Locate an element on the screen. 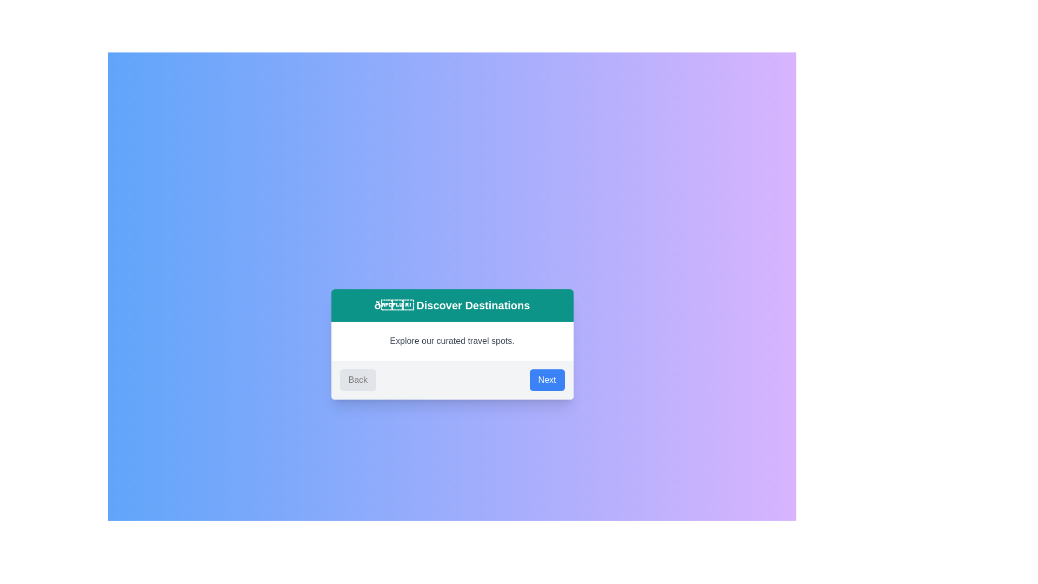 The height and width of the screenshot is (584, 1038). the 'Next' button located in the lower-right corner of the dialog box is located at coordinates (547, 379).